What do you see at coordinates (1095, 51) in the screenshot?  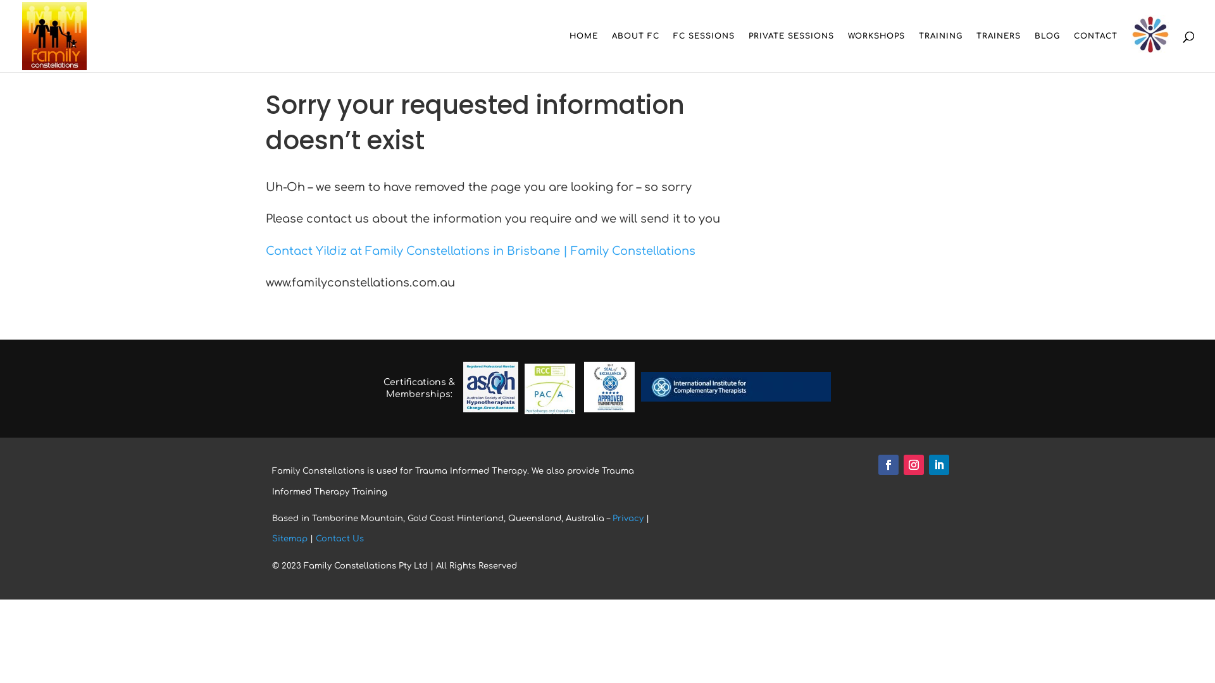 I see `'CONTACT'` at bounding box center [1095, 51].